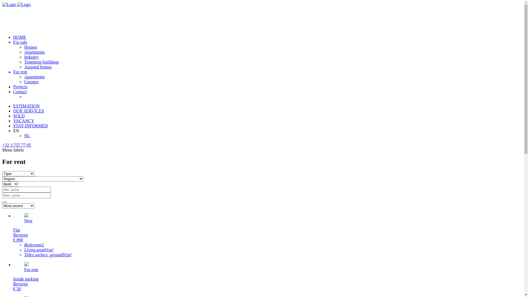  I want to click on 'NL', so click(27, 136).